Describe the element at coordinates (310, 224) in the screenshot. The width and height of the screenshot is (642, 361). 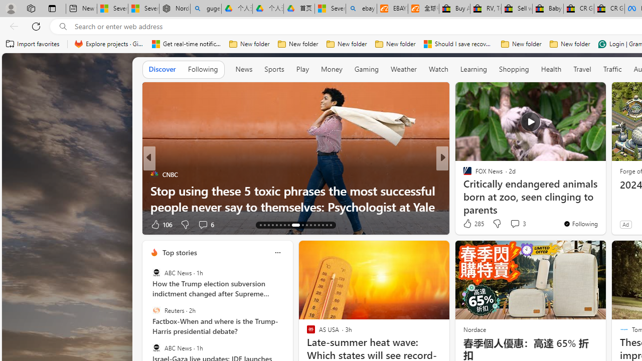
I see `'AutomationID: tab-24'` at that location.